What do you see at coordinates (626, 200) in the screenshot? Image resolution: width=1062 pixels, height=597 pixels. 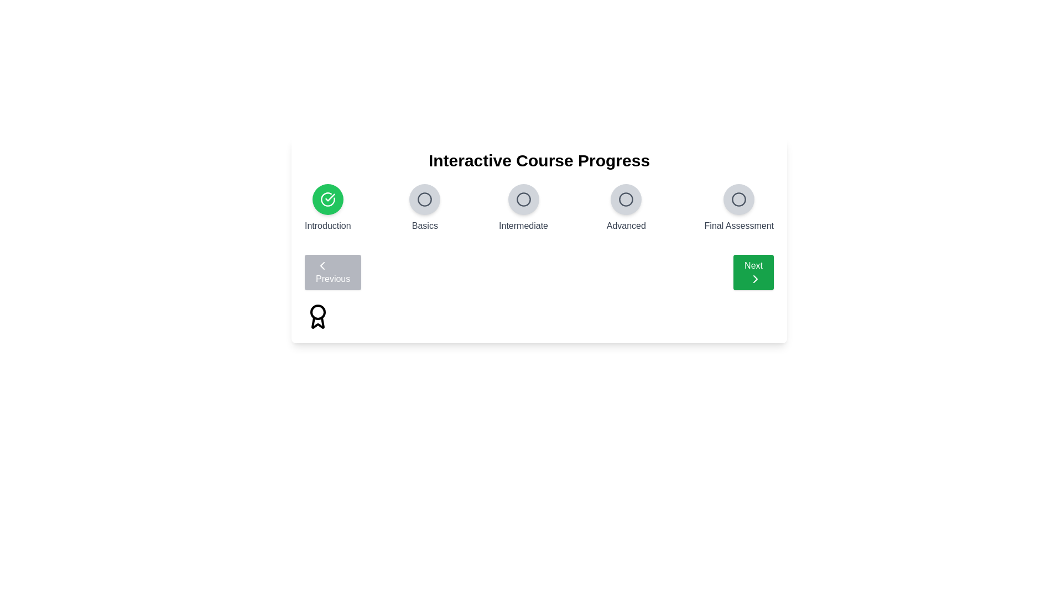 I see `the 'Advanced' stage circular button in the navigation bar, which is located between the 'Intermediate' button and the 'Final Assessment' button` at bounding box center [626, 200].